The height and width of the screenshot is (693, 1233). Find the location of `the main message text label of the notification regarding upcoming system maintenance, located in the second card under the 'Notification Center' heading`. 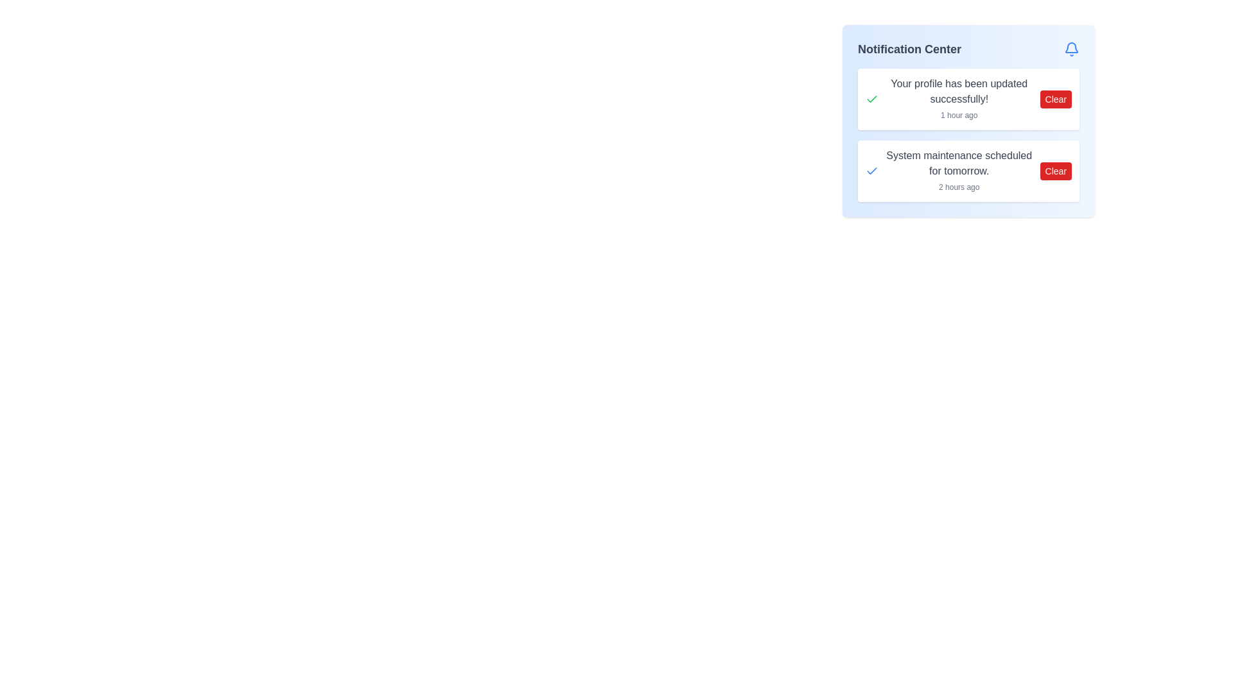

the main message text label of the notification regarding upcoming system maintenance, located in the second card under the 'Notification Center' heading is located at coordinates (959, 162).